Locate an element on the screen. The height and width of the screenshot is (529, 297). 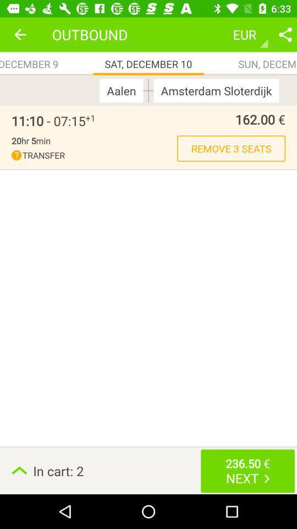
share is located at coordinates (285, 34).